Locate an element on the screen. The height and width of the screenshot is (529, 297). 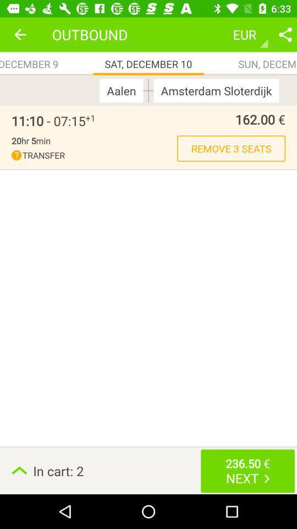
share is located at coordinates (285, 34).